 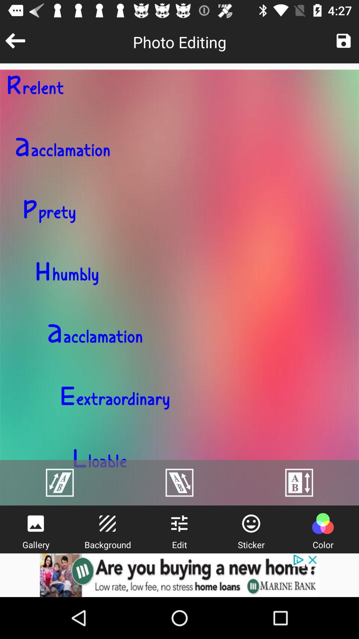 I want to click on the emoji icon, so click(x=251, y=523).